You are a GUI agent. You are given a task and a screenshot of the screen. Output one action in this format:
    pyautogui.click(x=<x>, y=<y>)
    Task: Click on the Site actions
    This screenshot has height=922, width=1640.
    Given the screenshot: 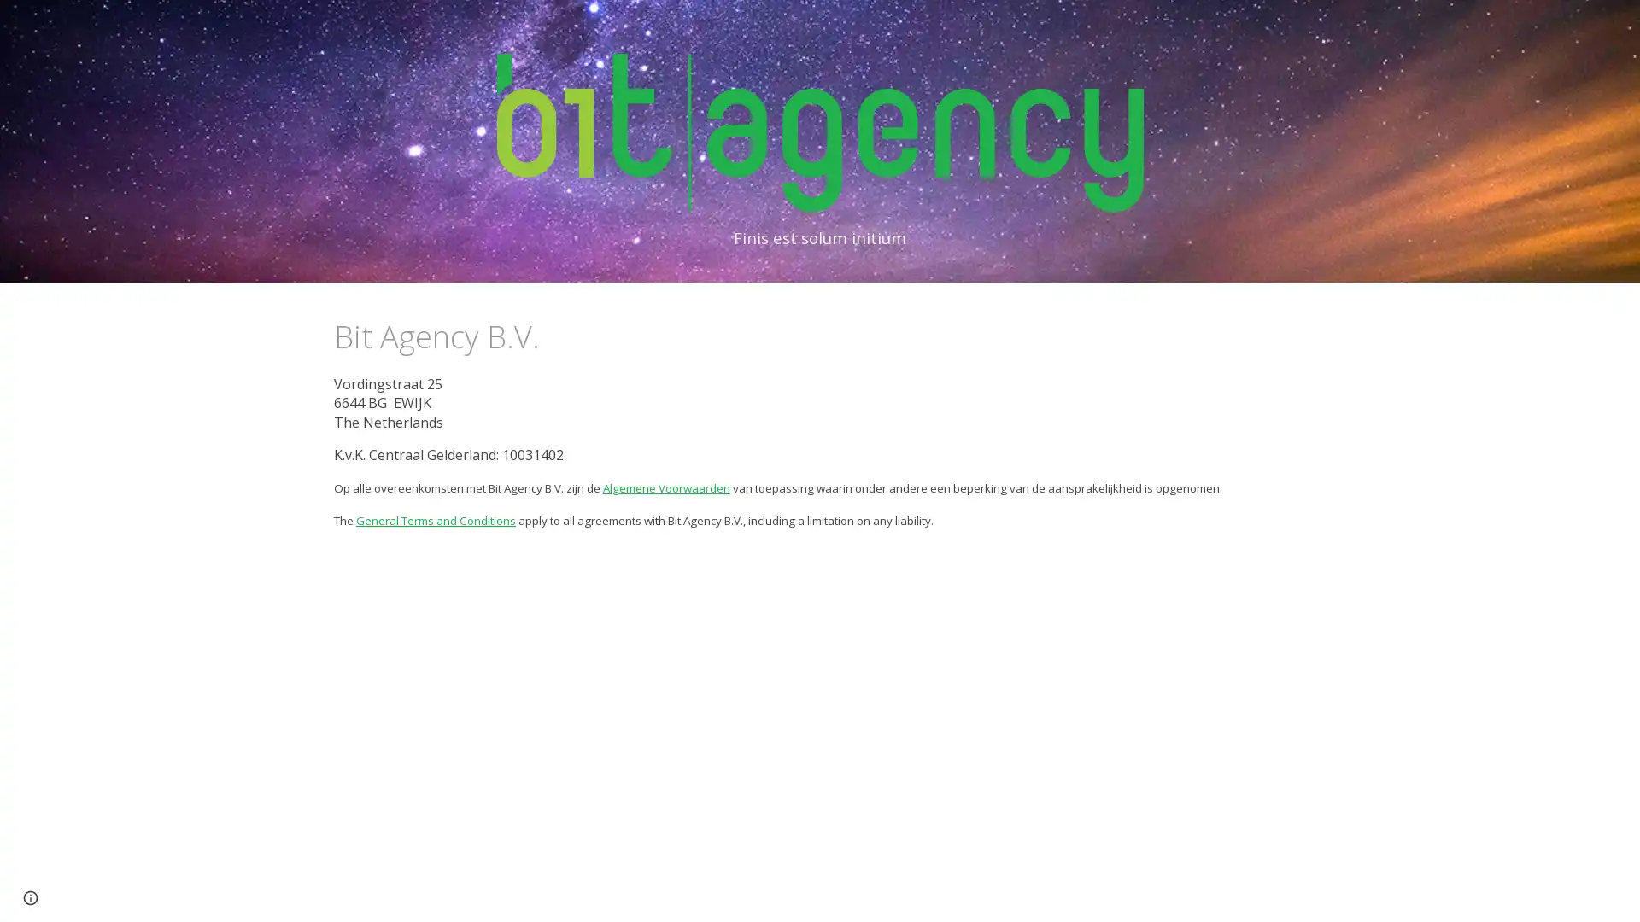 What is the action you would take?
    pyautogui.click(x=30, y=891)
    